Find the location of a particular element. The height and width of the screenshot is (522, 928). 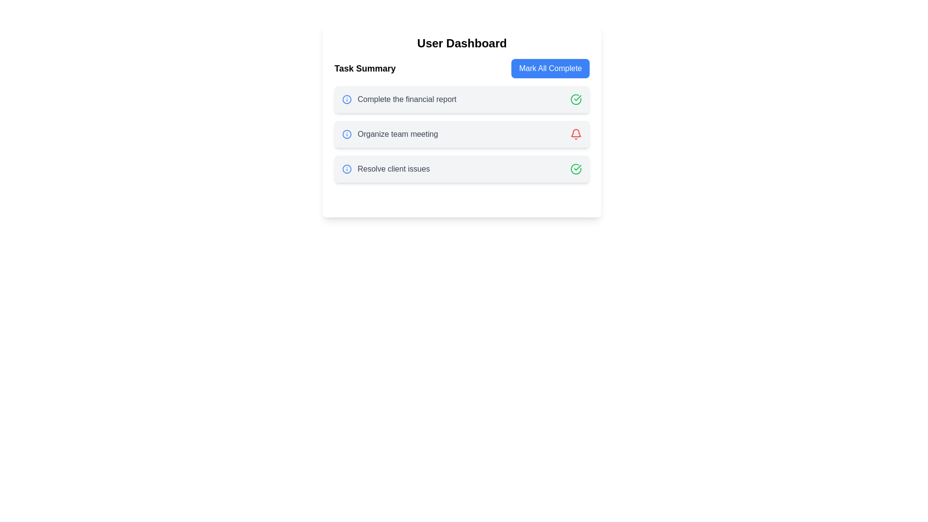

the checkmark icon indicating the completion of the task 'Complete the financial report' within the Task Summary section is located at coordinates (578, 167).